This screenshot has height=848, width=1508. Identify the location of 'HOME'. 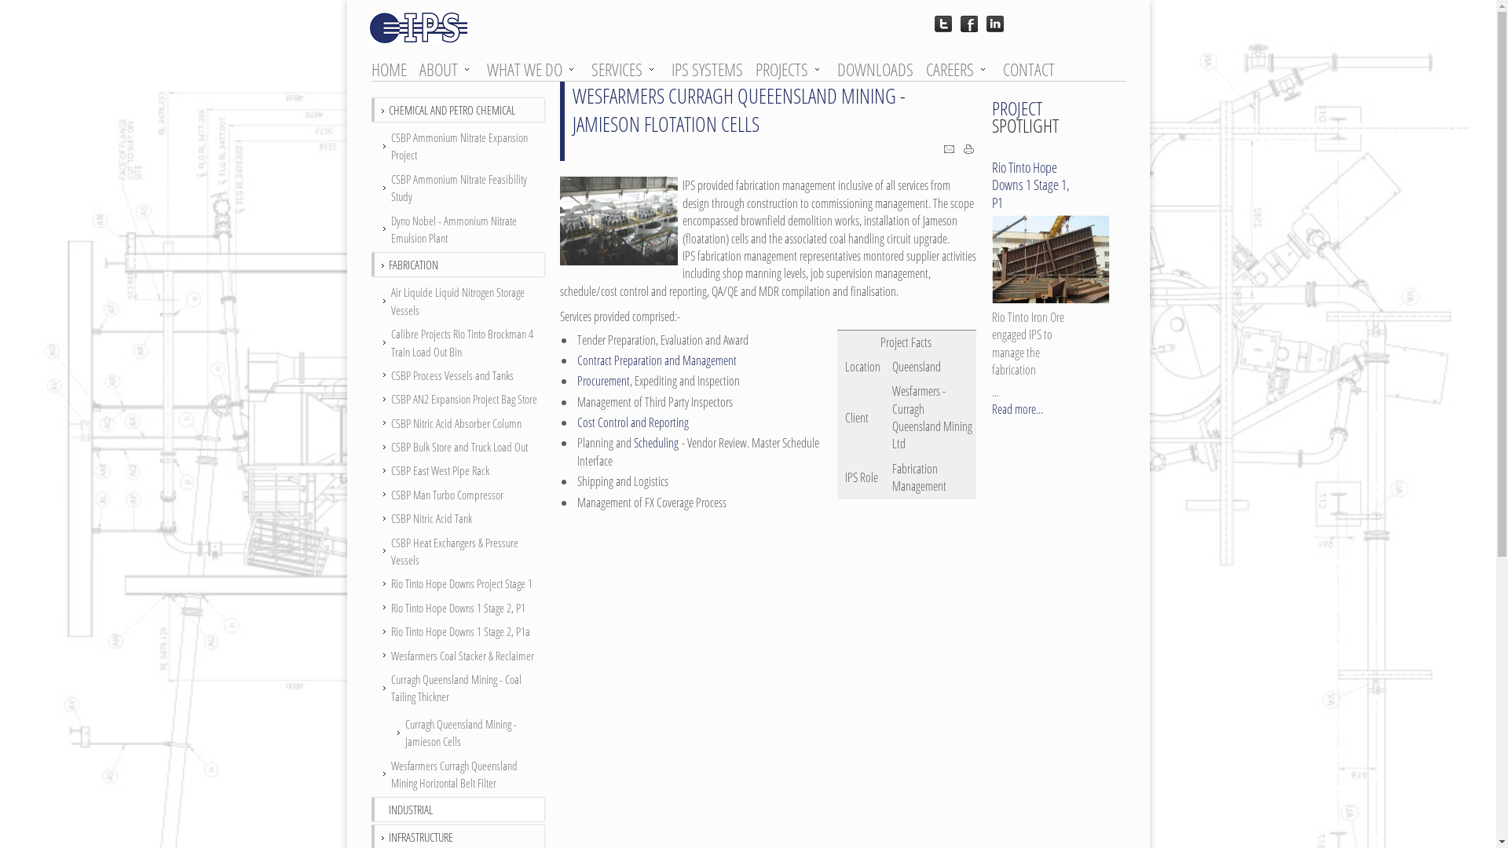
(393, 68).